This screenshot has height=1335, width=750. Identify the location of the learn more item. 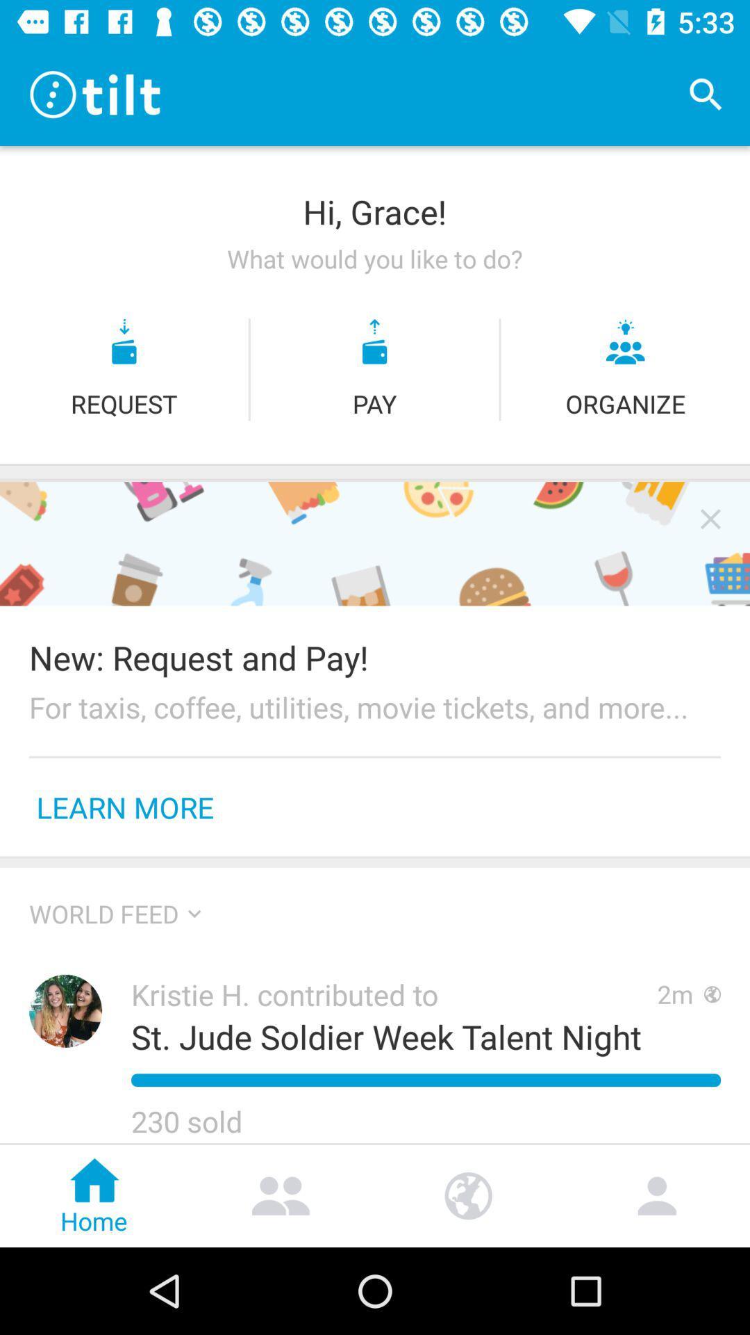
(125, 807).